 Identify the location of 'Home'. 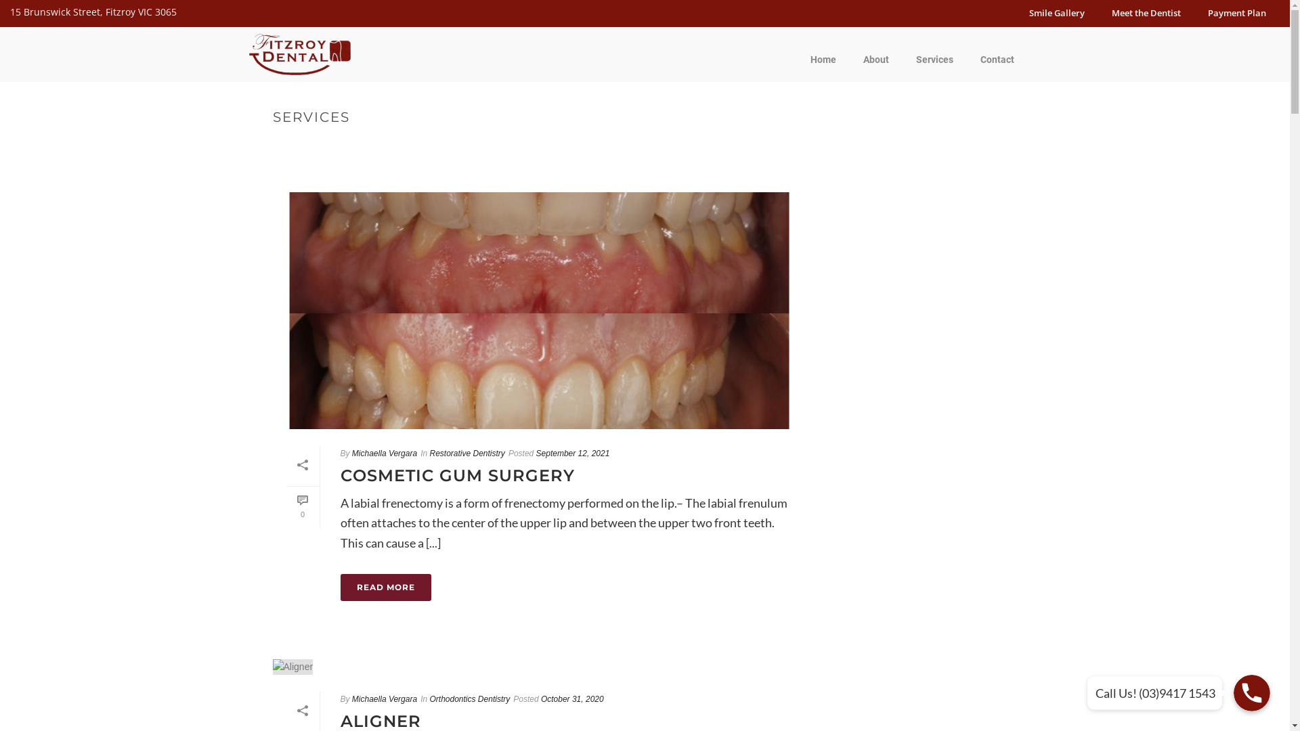
(821, 59).